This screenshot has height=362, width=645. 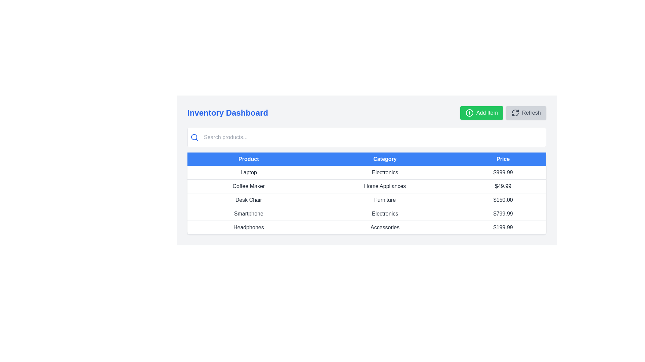 I want to click on the fourth row in the product table that displays 'Smartphone' under the 'Product' column, 'Electronics' under the 'Category' column, and '$799.99' under the 'Price' column, so click(x=366, y=214).